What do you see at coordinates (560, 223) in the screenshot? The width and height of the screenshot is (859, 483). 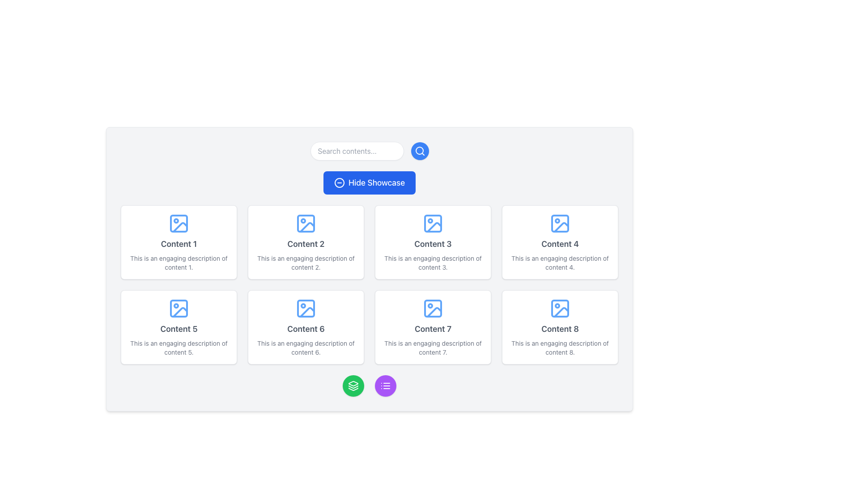 I see `the decorative icon associated with the 'Content 4' card, which is located at the top of the card and is centered horizontally` at bounding box center [560, 223].